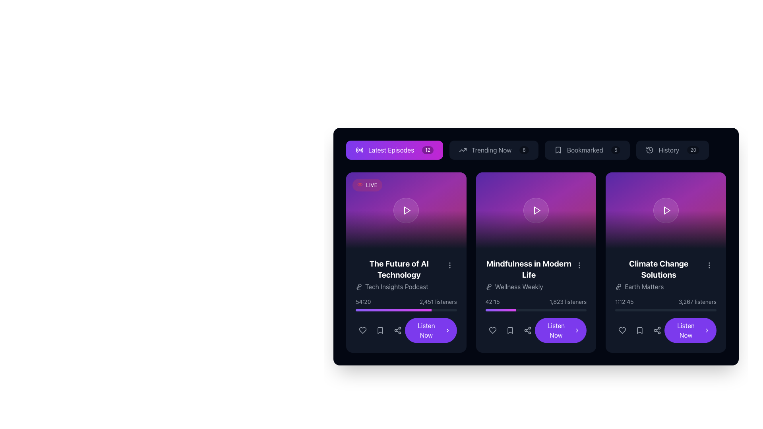  What do you see at coordinates (492, 330) in the screenshot?
I see `the heart-shaped button within the dark card interface to mark the 'Mindfulness in Modern Life' podcast as a favorite` at bounding box center [492, 330].